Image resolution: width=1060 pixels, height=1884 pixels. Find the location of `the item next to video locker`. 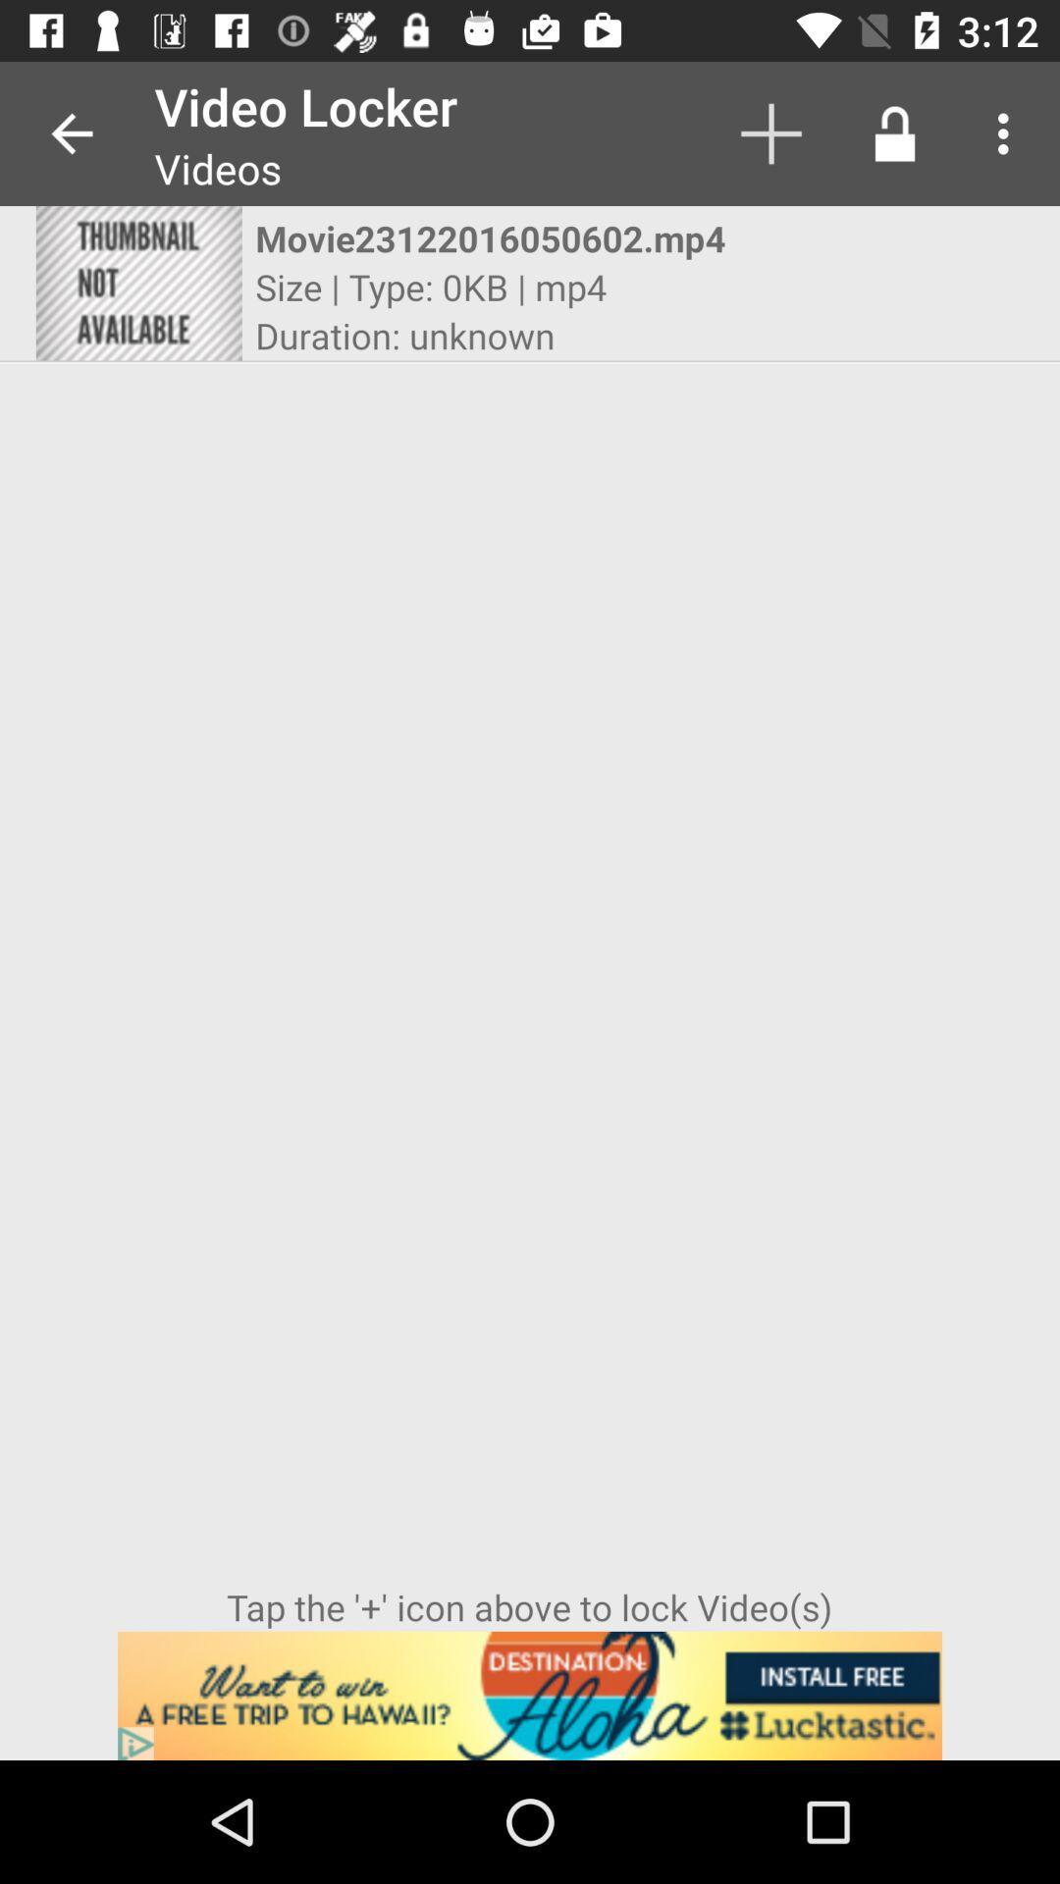

the item next to video locker is located at coordinates (71, 132).